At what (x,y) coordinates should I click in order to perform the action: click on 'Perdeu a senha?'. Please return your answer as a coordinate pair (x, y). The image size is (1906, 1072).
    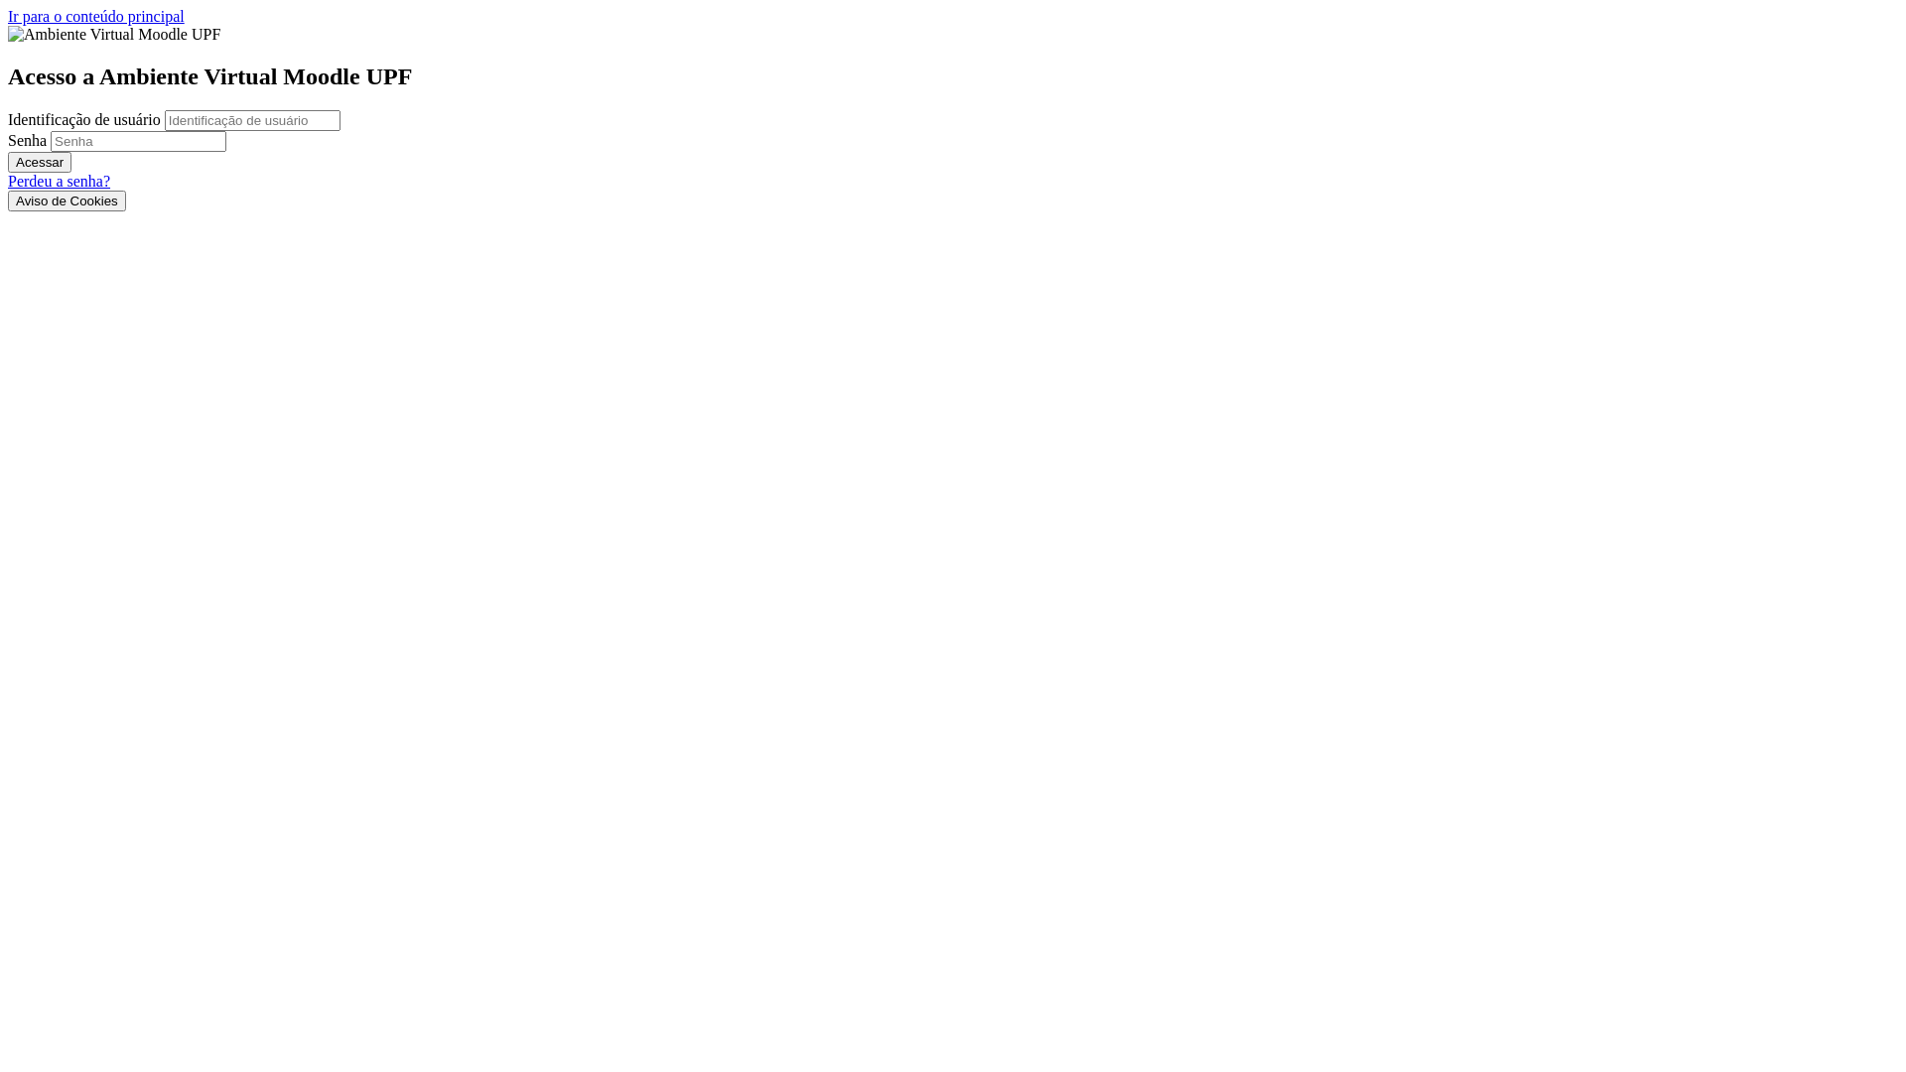
    Looking at the image, I should click on (59, 181).